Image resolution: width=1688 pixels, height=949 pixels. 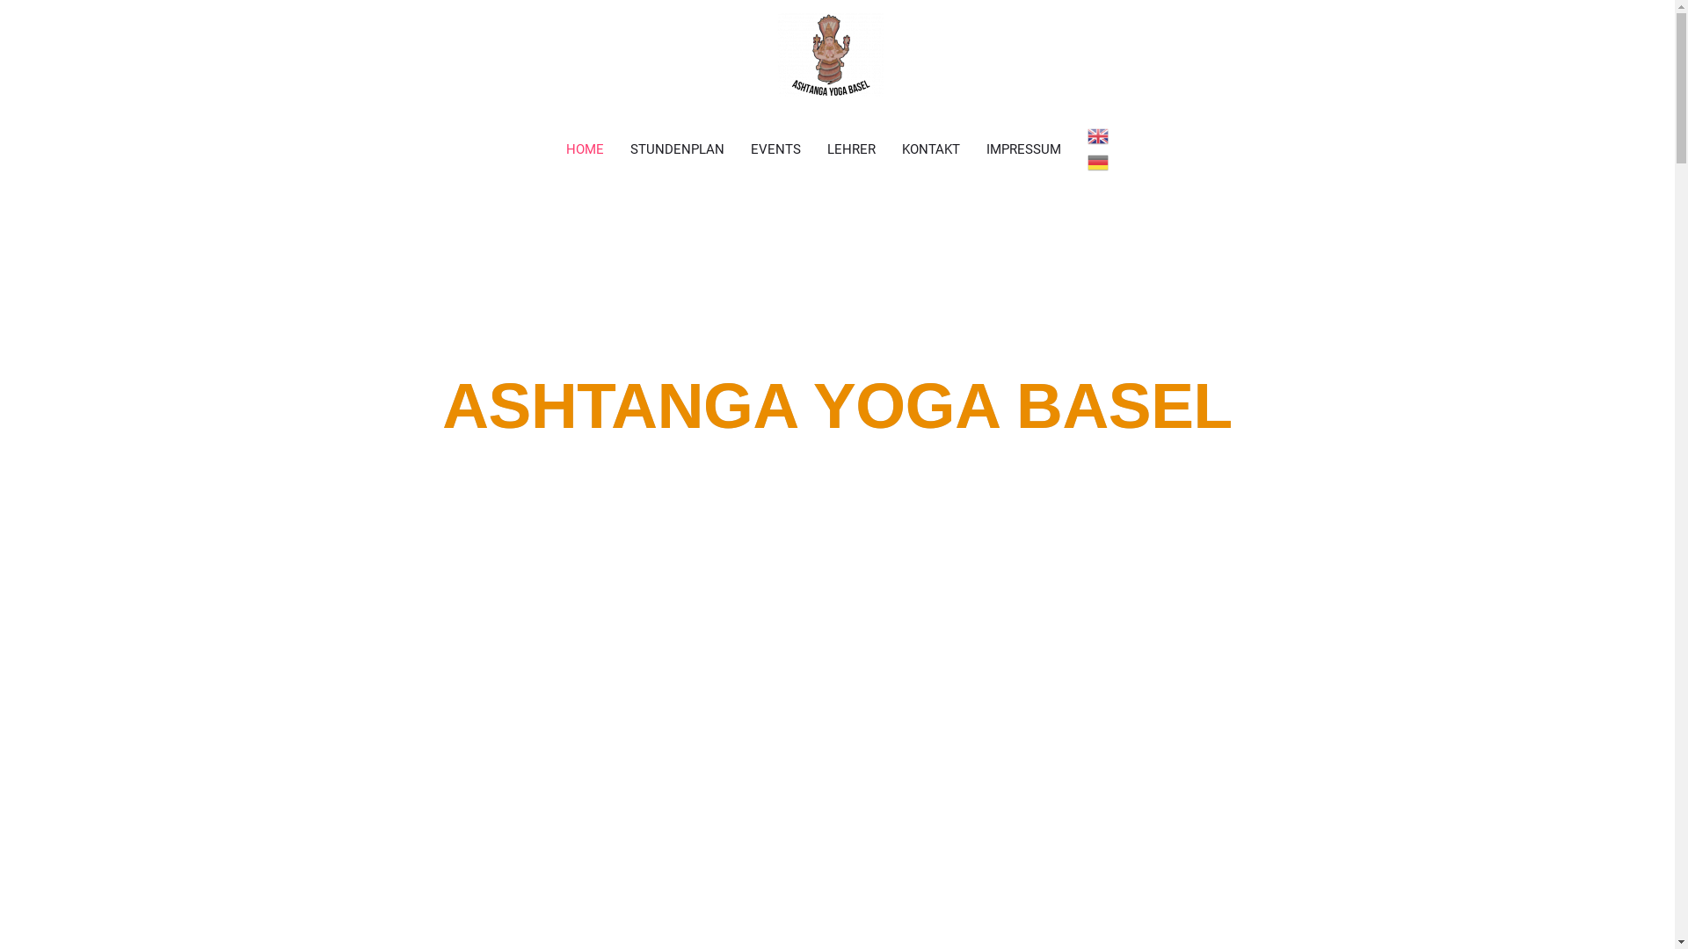 I want to click on 'HOME', so click(x=585, y=148).